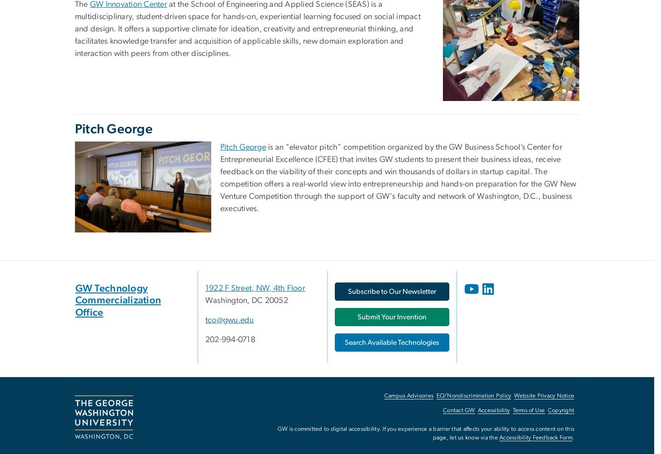 The image size is (661, 454). Describe the element at coordinates (572, 437) in the screenshot. I see `'.'` at that location.